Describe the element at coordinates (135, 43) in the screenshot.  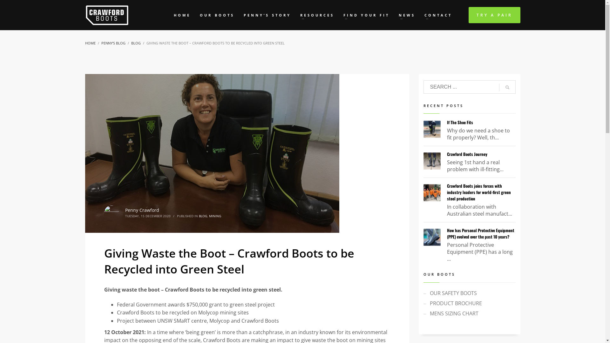
I see `'BLOG'` at that location.